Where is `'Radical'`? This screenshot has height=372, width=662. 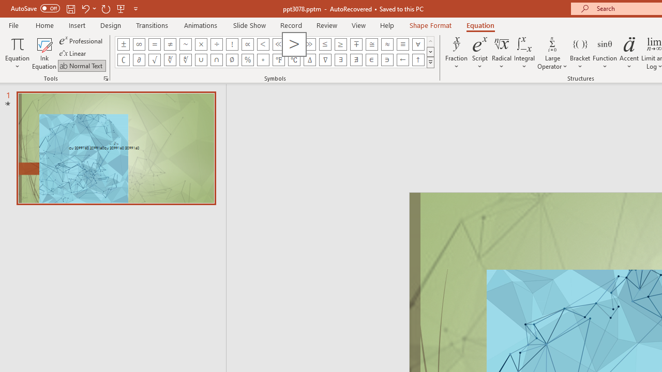 'Radical' is located at coordinates (502, 53).